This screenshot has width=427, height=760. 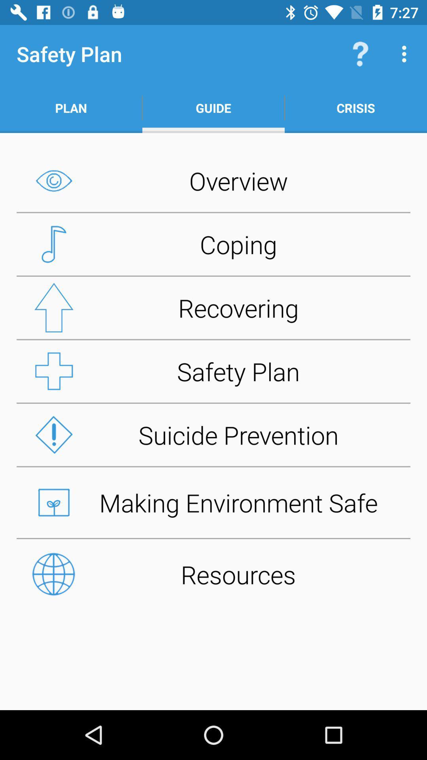 I want to click on item next to guide item, so click(x=355, y=108).